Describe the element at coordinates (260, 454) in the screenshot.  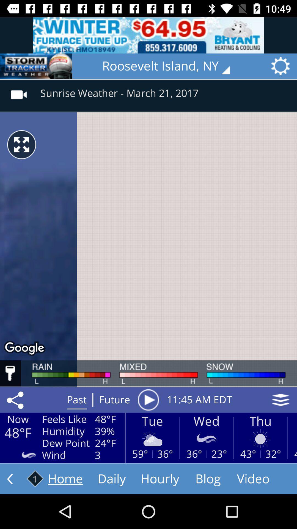
I see `take the vertical line below thu weather symbol` at that location.